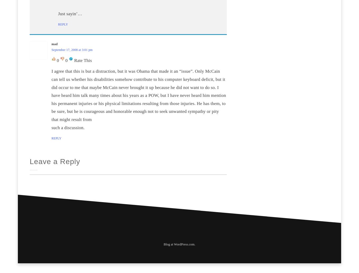 The width and height of the screenshot is (359, 273). What do you see at coordinates (51, 127) in the screenshot?
I see `'such a discussion.'` at bounding box center [51, 127].